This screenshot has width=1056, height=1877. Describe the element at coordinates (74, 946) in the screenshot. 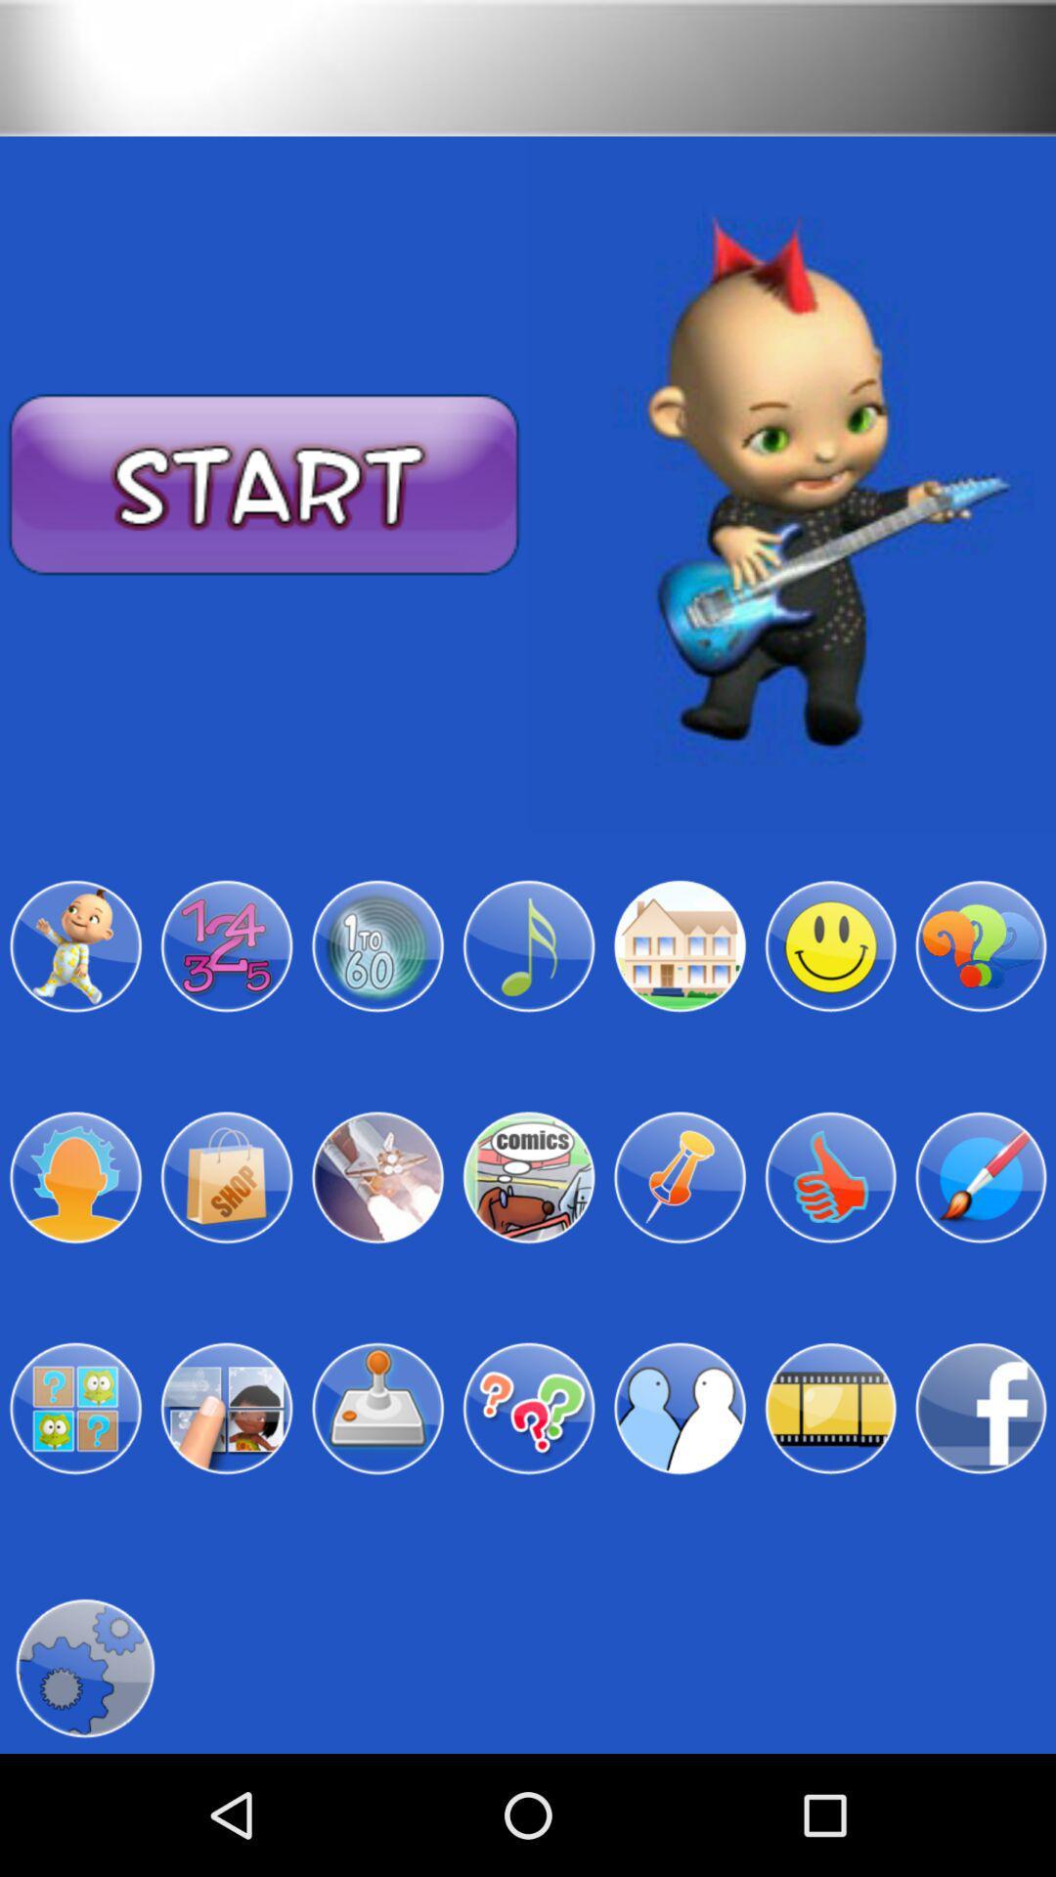

I see `the baby` at that location.